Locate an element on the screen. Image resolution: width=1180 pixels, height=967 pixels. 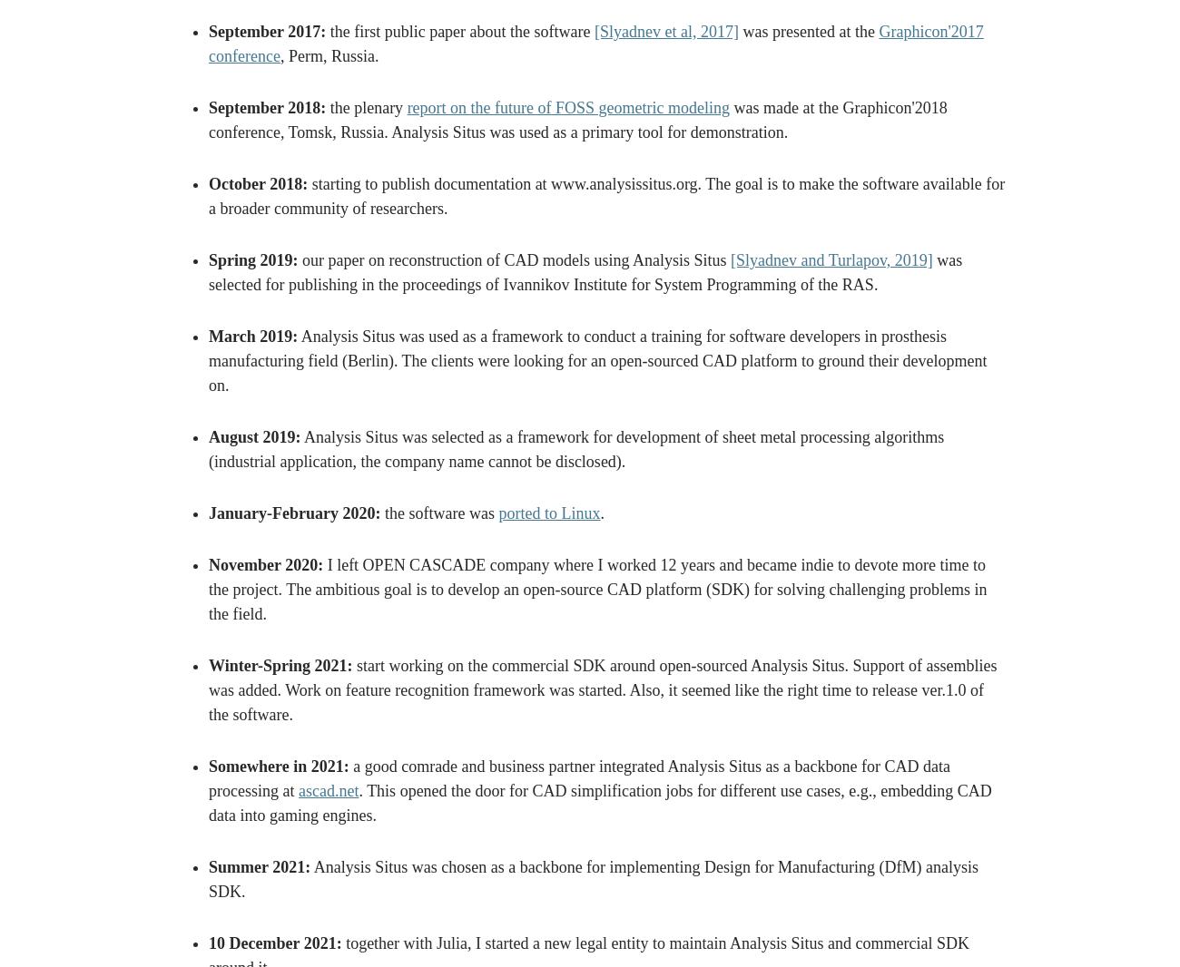
'the plenary' is located at coordinates (366, 106).